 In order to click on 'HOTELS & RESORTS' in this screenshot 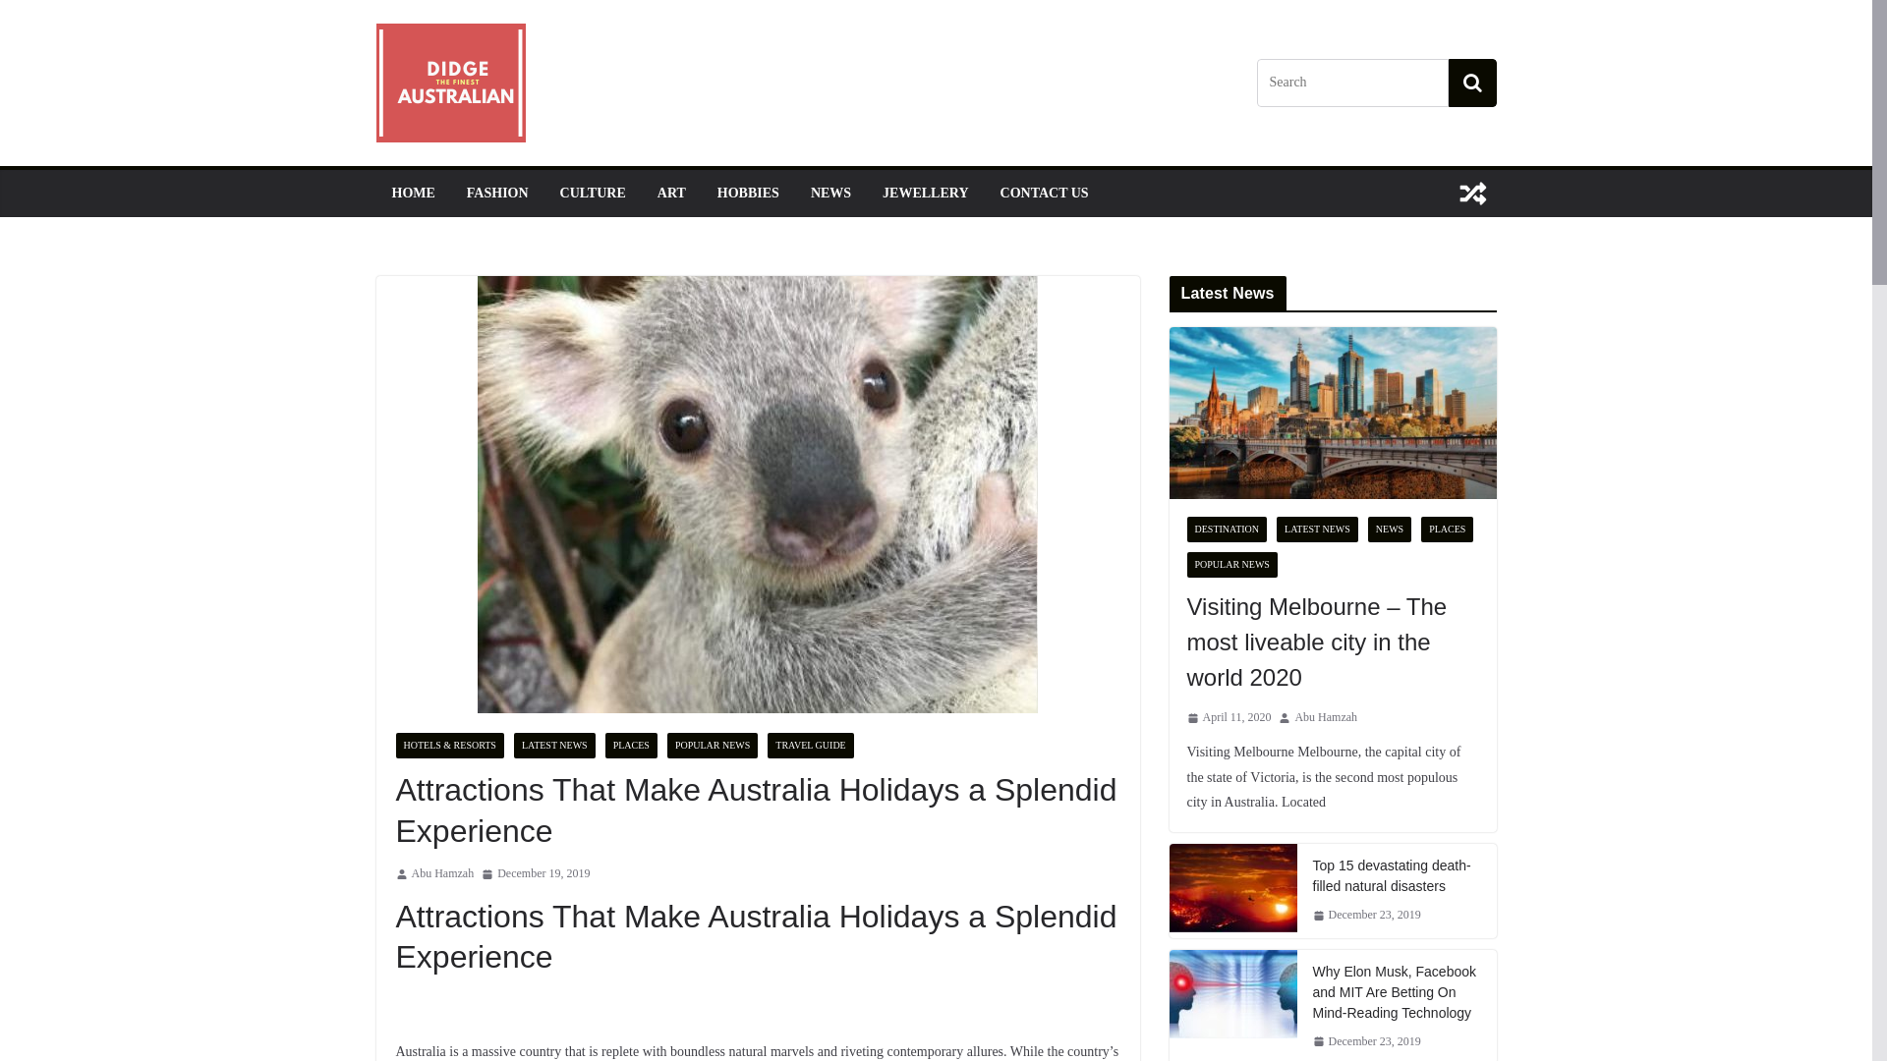, I will do `click(447, 746)`.